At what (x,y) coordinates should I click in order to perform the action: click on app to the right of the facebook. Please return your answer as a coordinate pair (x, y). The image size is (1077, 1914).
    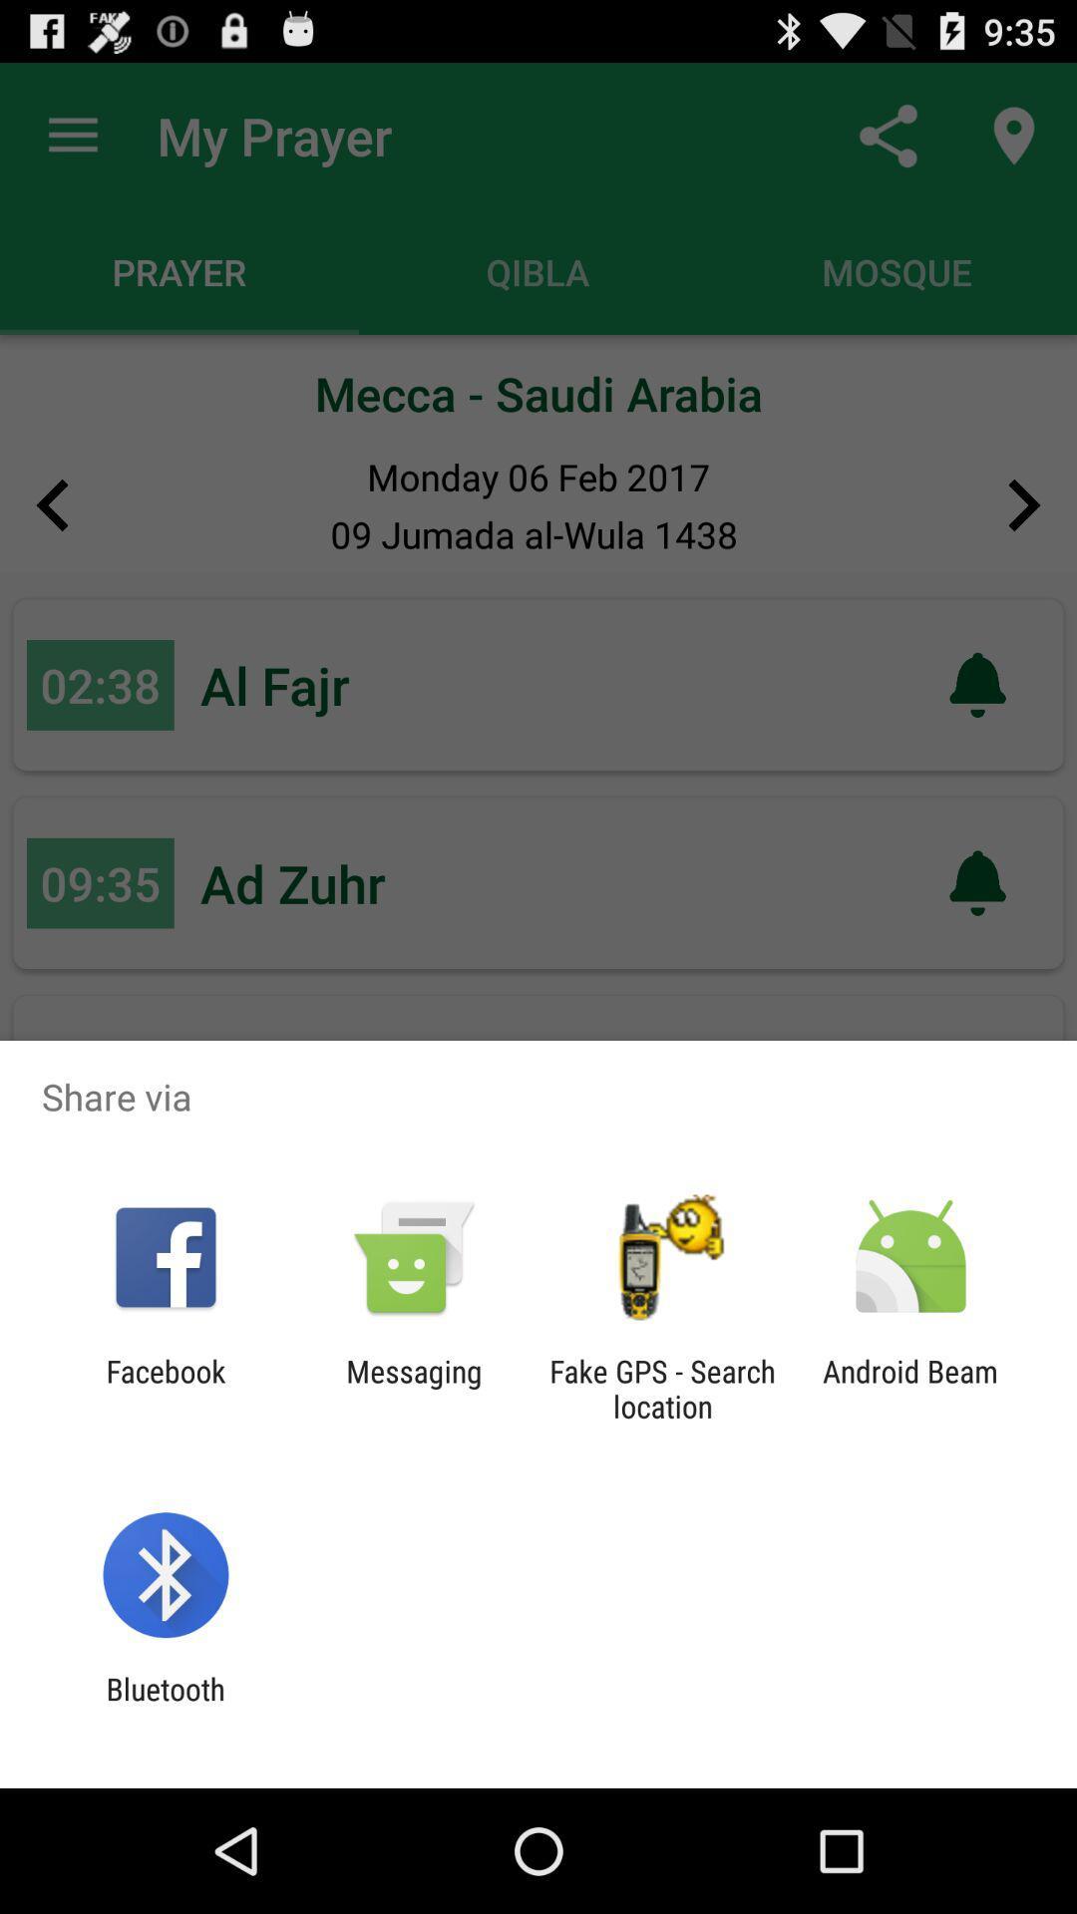
    Looking at the image, I should click on (413, 1388).